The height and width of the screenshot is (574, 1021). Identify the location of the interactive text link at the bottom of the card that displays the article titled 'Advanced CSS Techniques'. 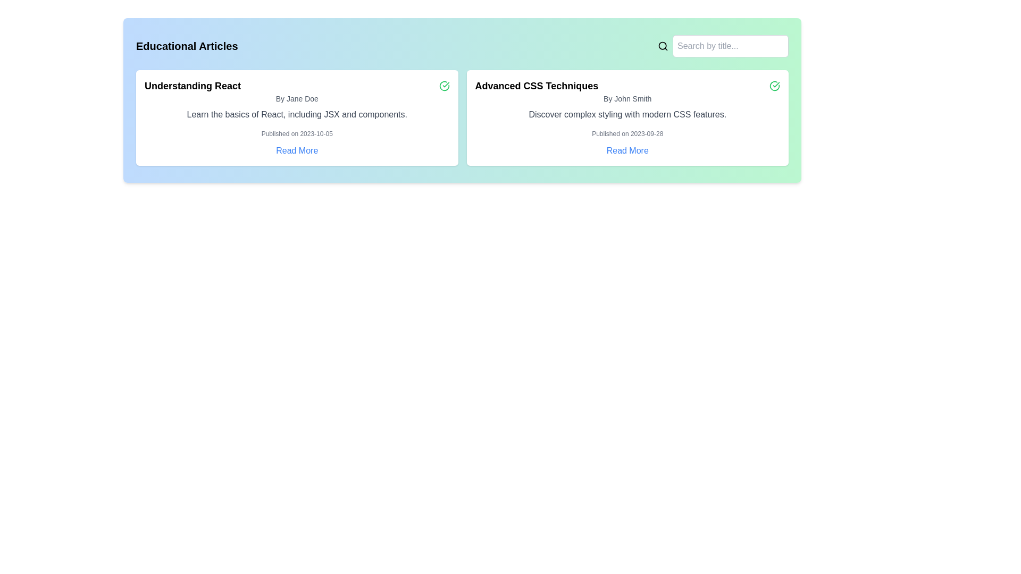
(627, 151).